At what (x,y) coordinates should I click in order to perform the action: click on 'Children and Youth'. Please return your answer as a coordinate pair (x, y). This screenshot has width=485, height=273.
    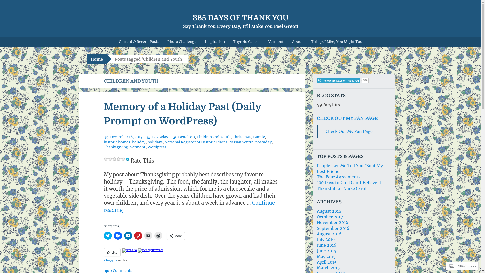
    Looking at the image, I should click on (213, 137).